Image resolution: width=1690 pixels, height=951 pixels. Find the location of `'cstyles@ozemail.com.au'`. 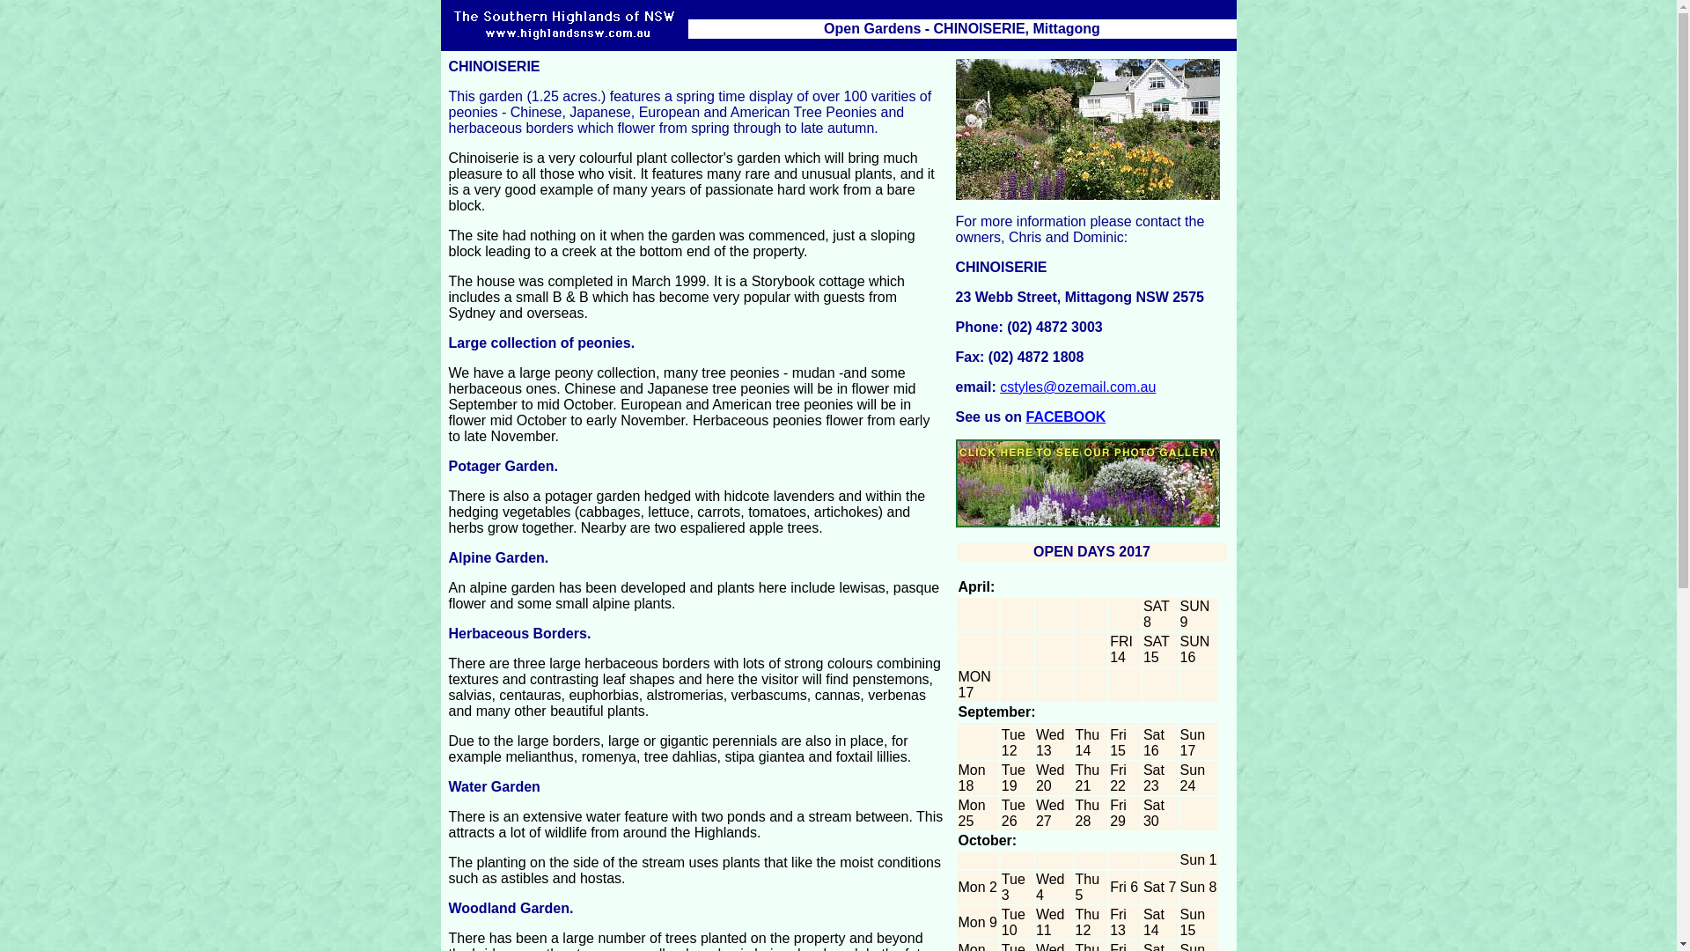

'cstyles@ozemail.com.au' is located at coordinates (1076, 386).